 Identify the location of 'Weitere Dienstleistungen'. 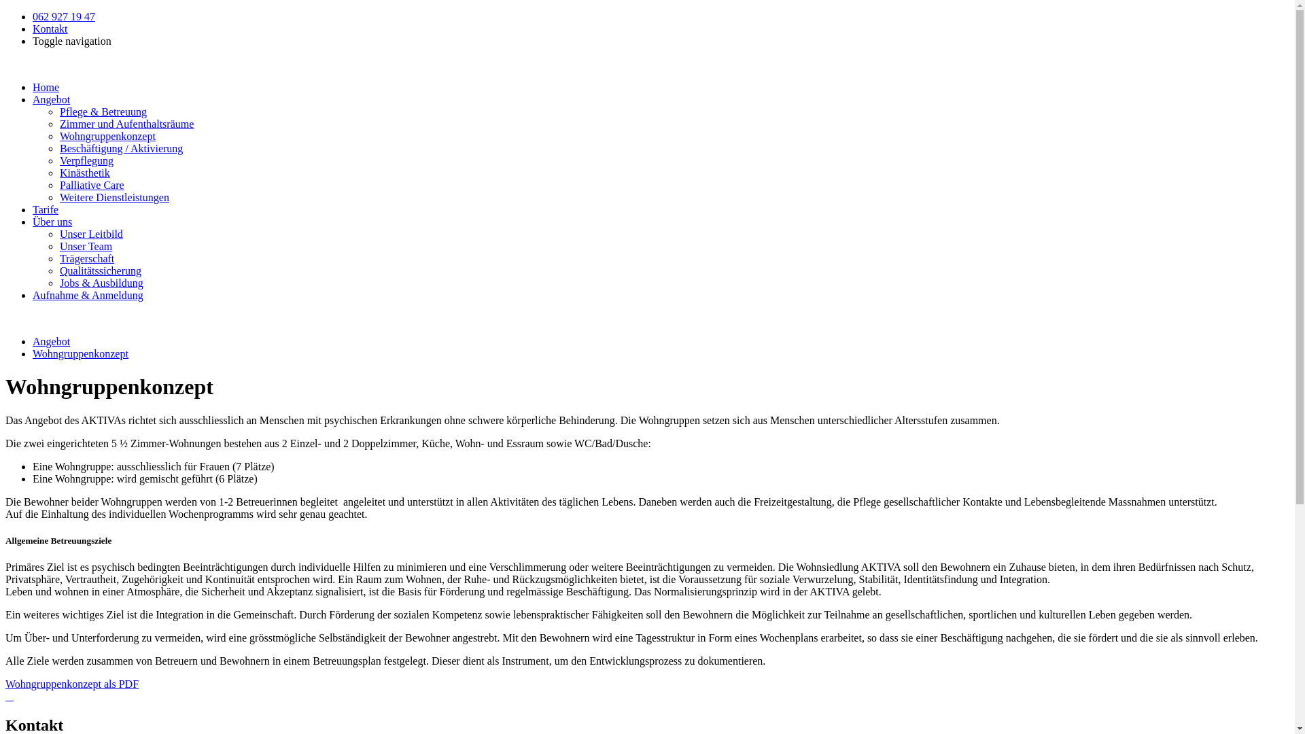
(58, 197).